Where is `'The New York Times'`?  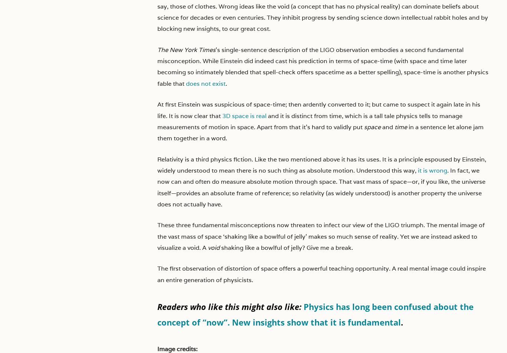
'The New York Times' is located at coordinates (186, 49).